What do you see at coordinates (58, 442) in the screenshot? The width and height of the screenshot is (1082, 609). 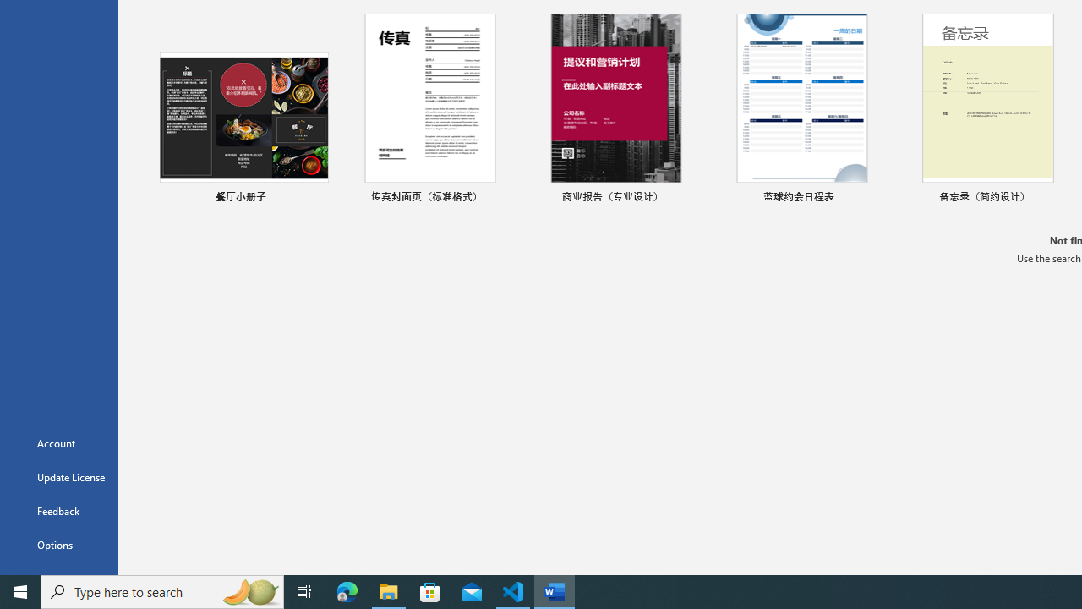 I see `'Account'` at bounding box center [58, 442].